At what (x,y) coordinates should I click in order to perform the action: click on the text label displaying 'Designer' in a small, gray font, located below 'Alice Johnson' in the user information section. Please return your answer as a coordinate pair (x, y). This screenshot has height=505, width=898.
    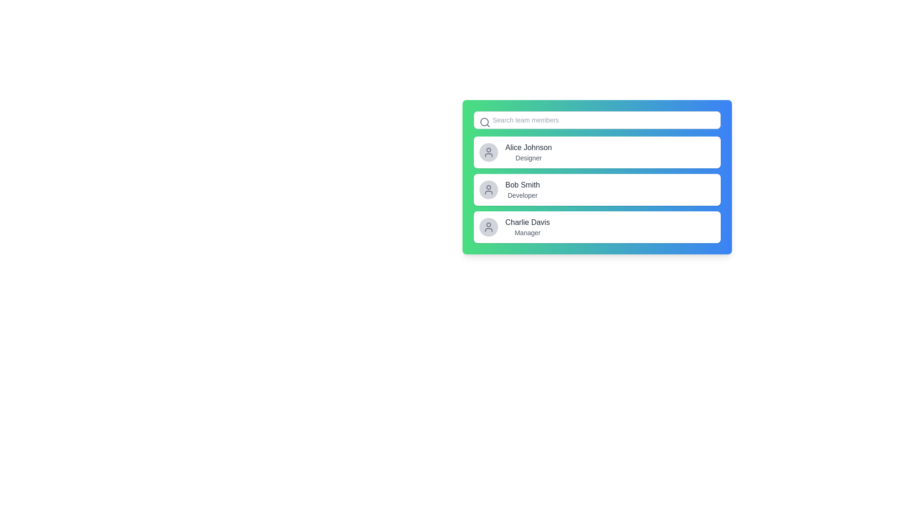
    Looking at the image, I should click on (529, 158).